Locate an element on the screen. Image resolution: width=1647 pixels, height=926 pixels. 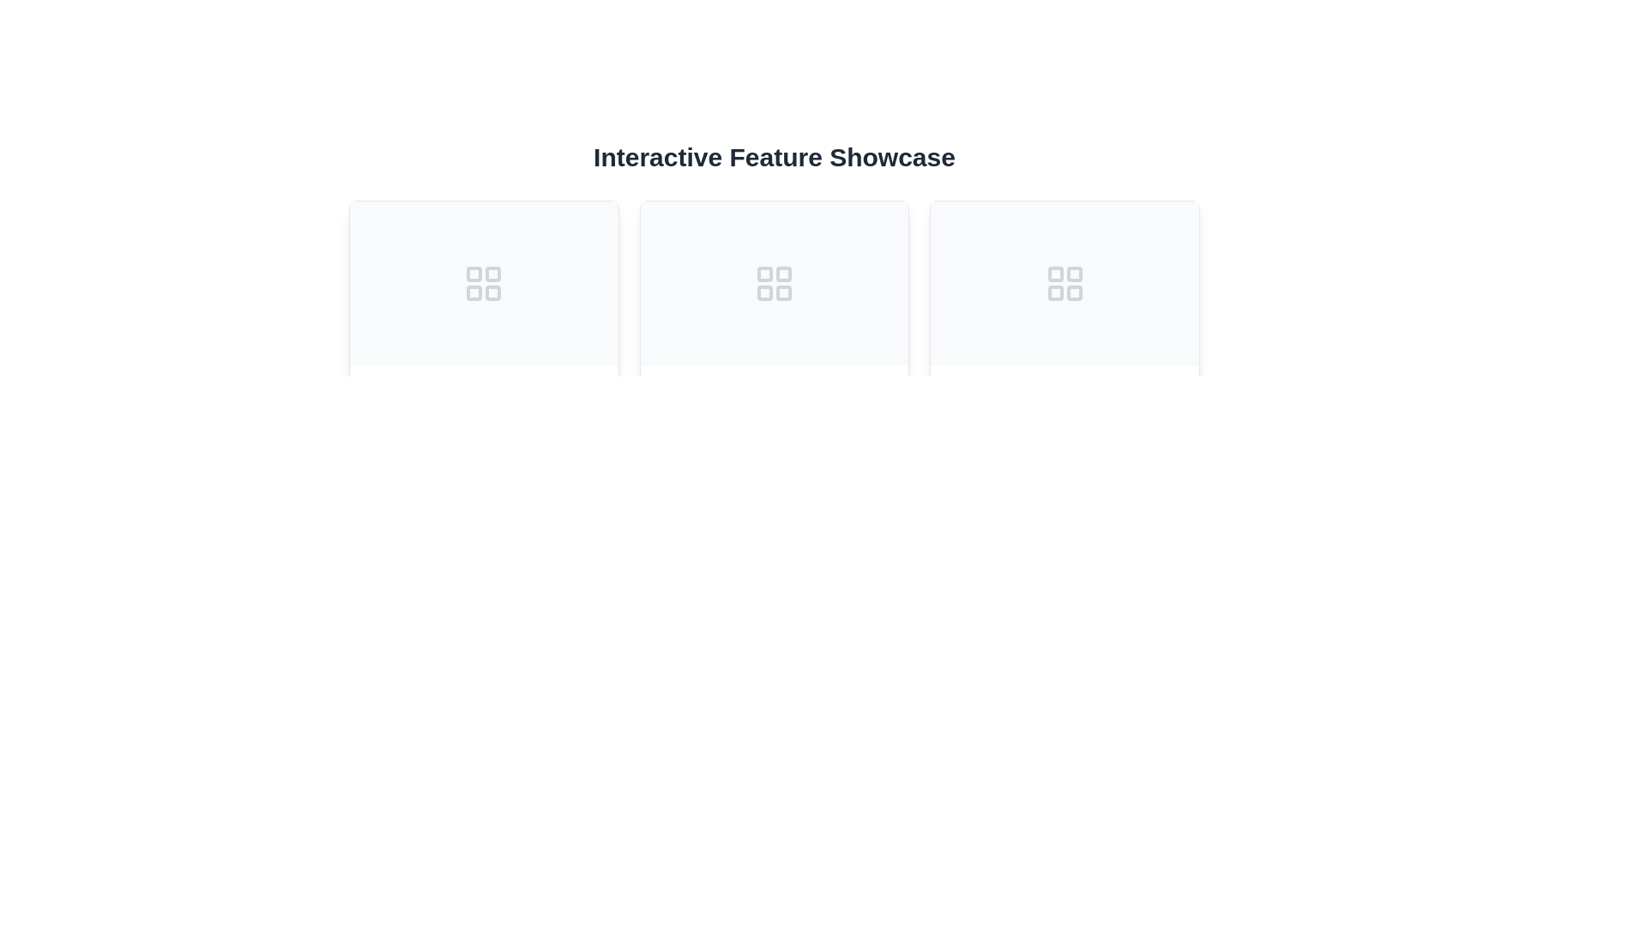
the first interactive card located in the top-left corner of the grid layout is located at coordinates (483, 356).